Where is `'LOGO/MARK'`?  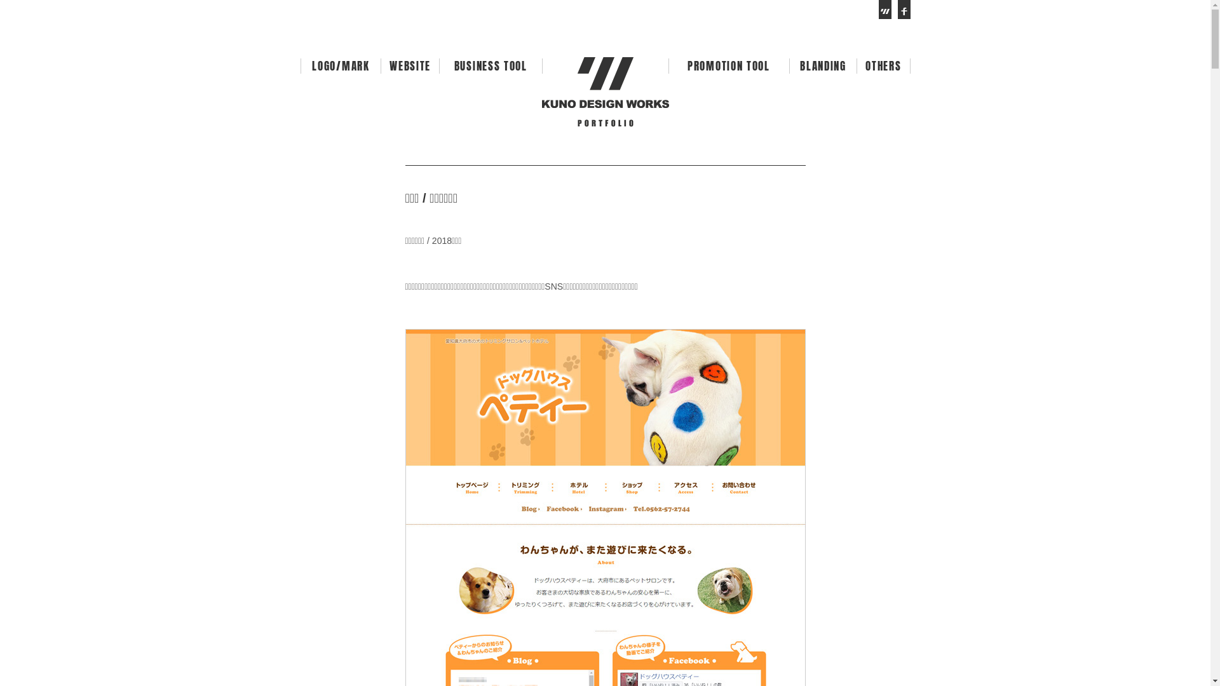
'LOGO/MARK' is located at coordinates (341, 66).